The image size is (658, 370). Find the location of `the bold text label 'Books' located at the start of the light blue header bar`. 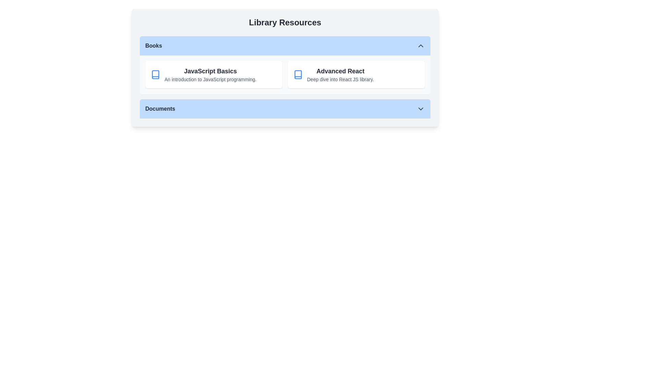

the bold text label 'Books' located at the start of the light blue header bar is located at coordinates (153, 46).